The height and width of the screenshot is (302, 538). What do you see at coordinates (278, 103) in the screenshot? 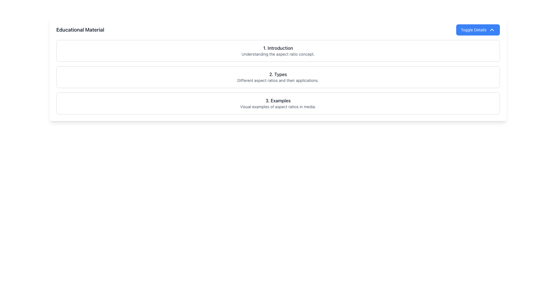
I see `the third selectable list item in the vertical navigation list` at bounding box center [278, 103].